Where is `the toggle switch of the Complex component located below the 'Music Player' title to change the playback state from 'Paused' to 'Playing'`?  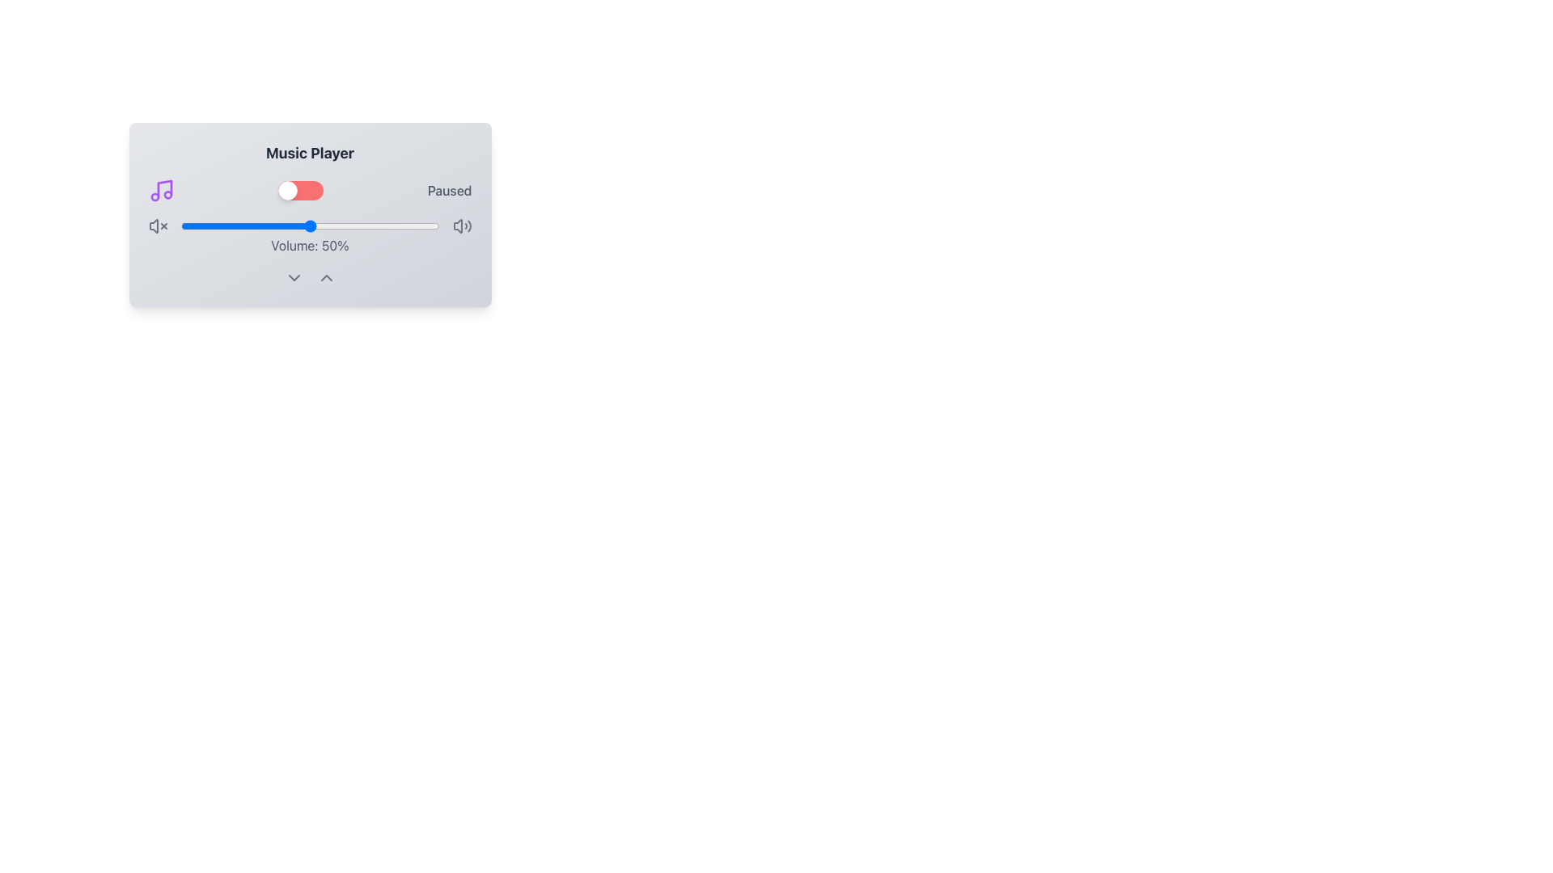 the toggle switch of the Complex component located below the 'Music Player' title to change the playback state from 'Paused' to 'Playing' is located at coordinates (310, 189).